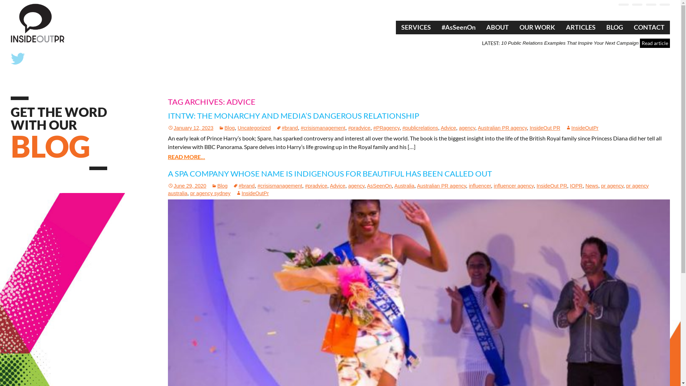 The width and height of the screenshot is (686, 386). Describe the element at coordinates (337, 185) in the screenshot. I see `'Advice'` at that location.